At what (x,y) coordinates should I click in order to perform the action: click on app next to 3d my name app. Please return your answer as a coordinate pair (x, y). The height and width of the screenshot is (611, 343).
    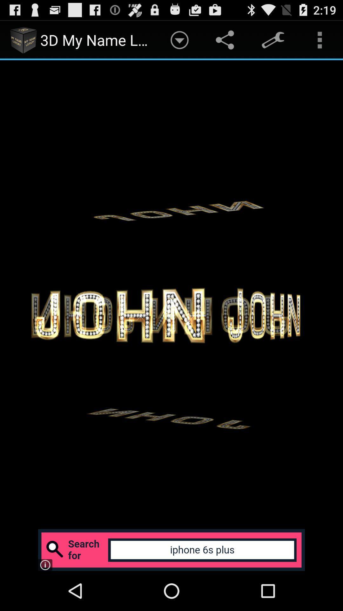
    Looking at the image, I should click on (179, 39).